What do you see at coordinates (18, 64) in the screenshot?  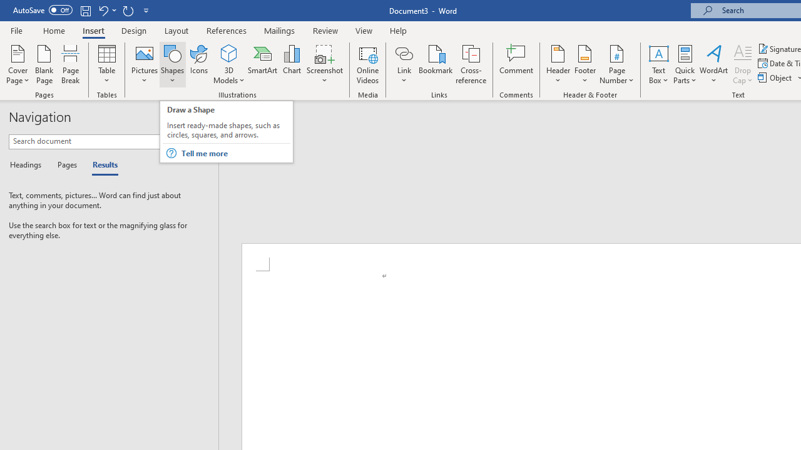 I see `'Cover Page'` at bounding box center [18, 64].